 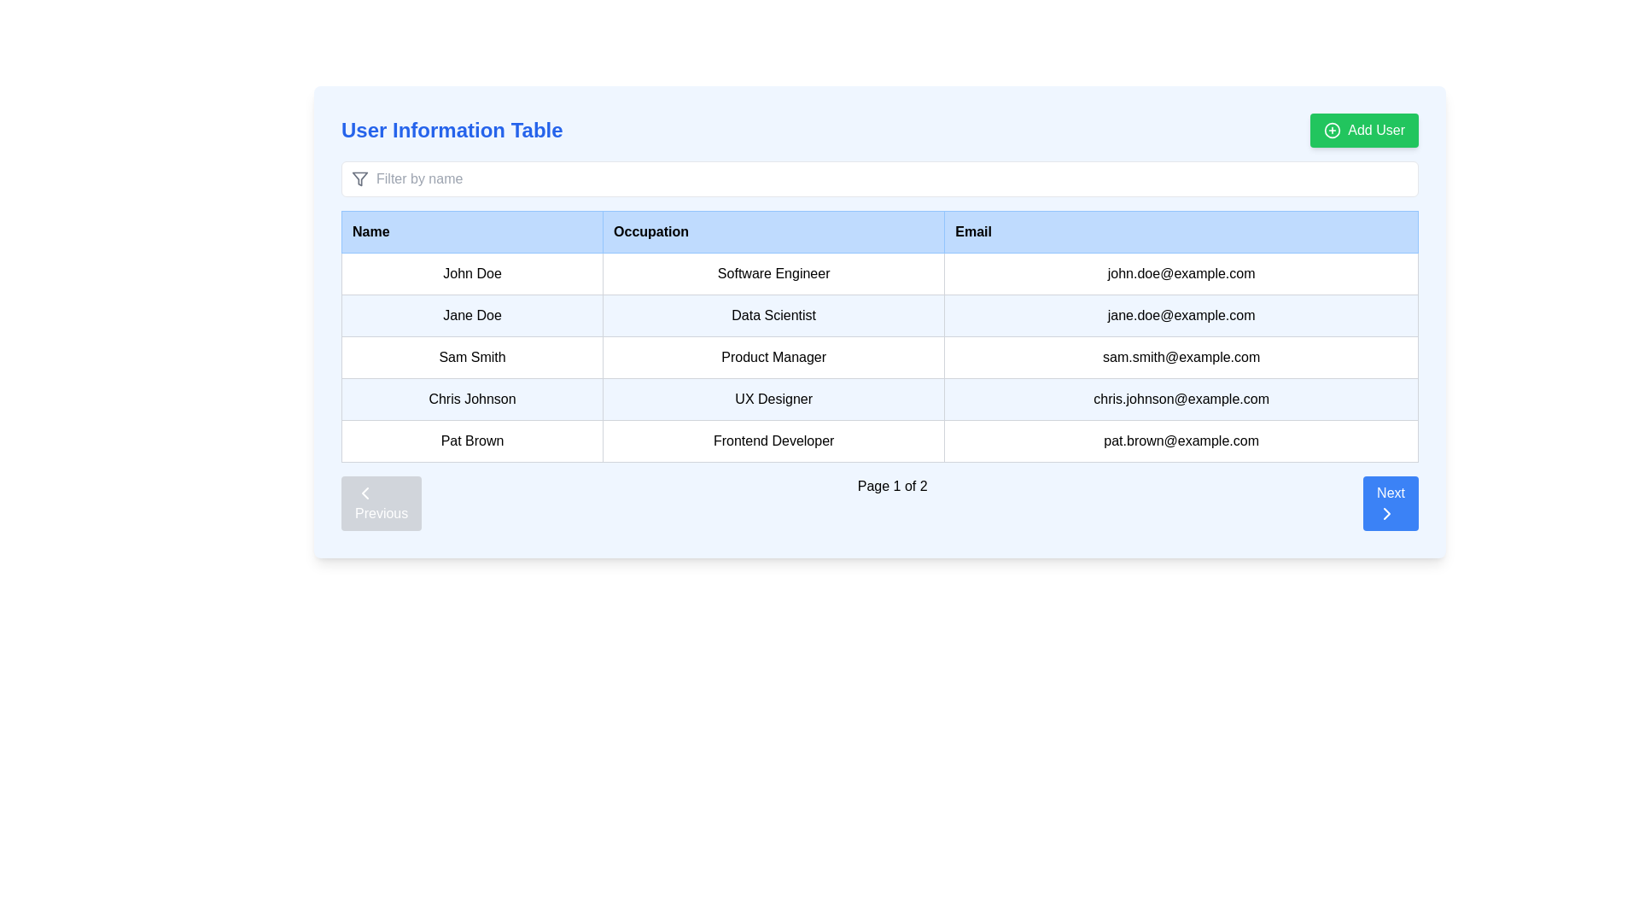 I want to click on the Text cell displaying the email address associated with 'Jane Doe' in the third column of the second row under the 'Email' heading, so click(x=1181, y=316).